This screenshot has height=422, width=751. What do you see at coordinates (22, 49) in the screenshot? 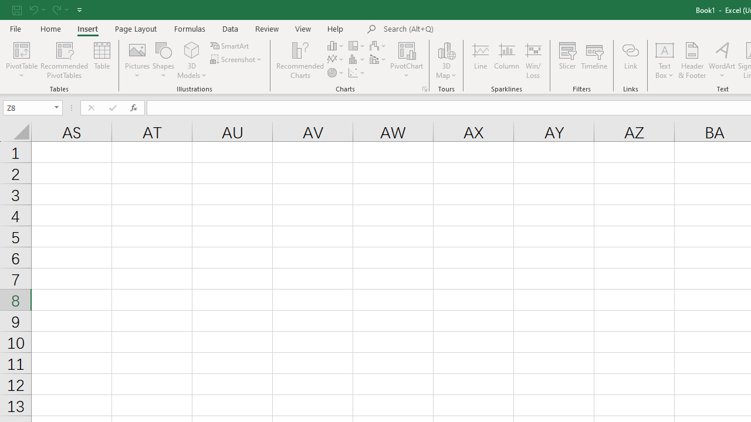
I see `'PivotTable'` at bounding box center [22, 49].